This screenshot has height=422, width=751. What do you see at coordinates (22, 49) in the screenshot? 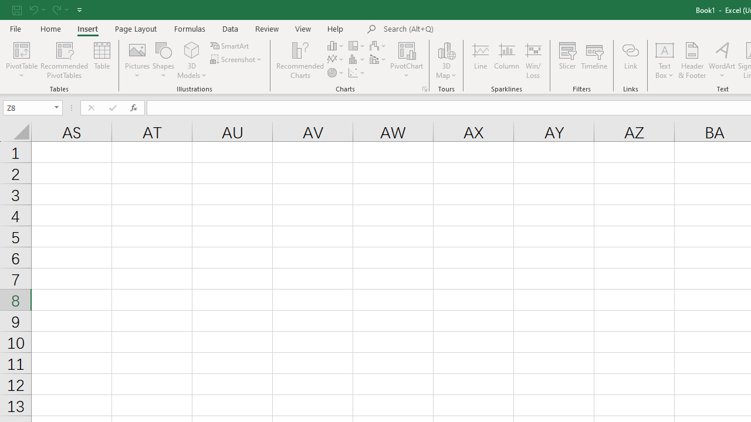
I see `'PivotTable'` at bounding box center [22, 49].